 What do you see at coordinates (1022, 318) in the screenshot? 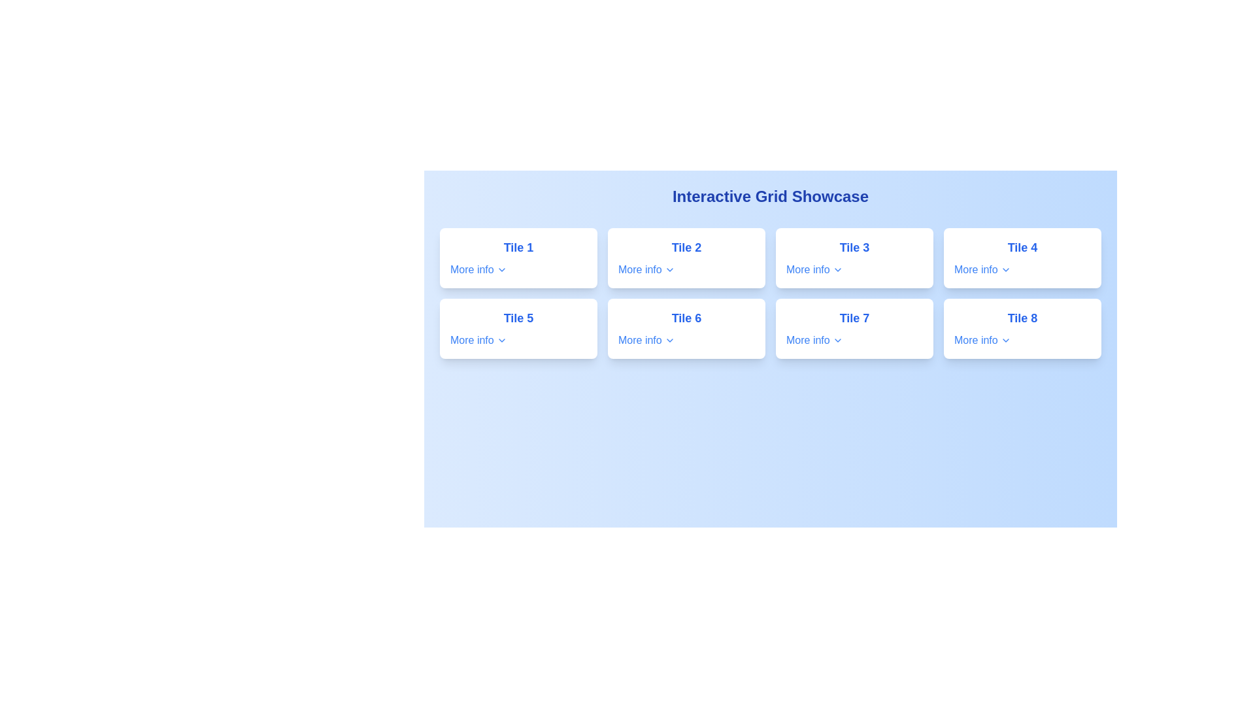
I see `the text label that serves as a title for the last tile in the bottom-right corner of the grid layout titled 'Interactive Grid Showcase'` at bounding box center [1022, 318].